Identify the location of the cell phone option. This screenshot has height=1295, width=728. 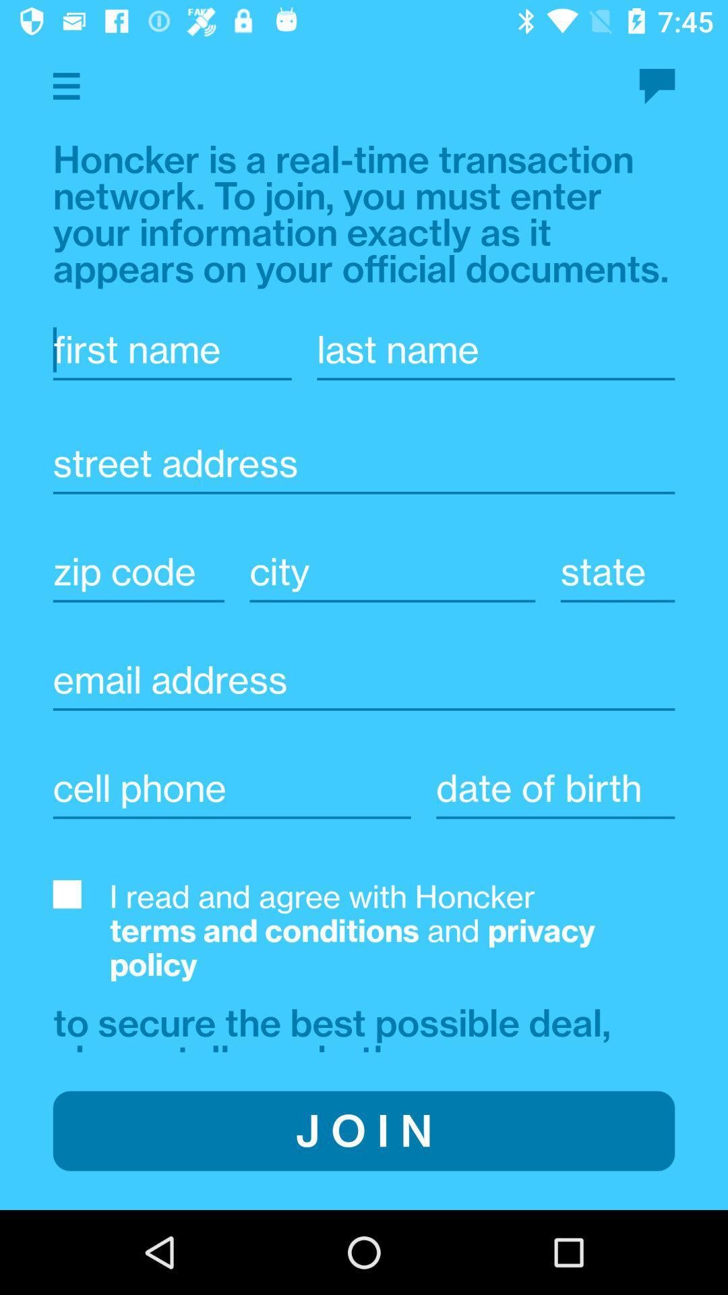
(231, 811).